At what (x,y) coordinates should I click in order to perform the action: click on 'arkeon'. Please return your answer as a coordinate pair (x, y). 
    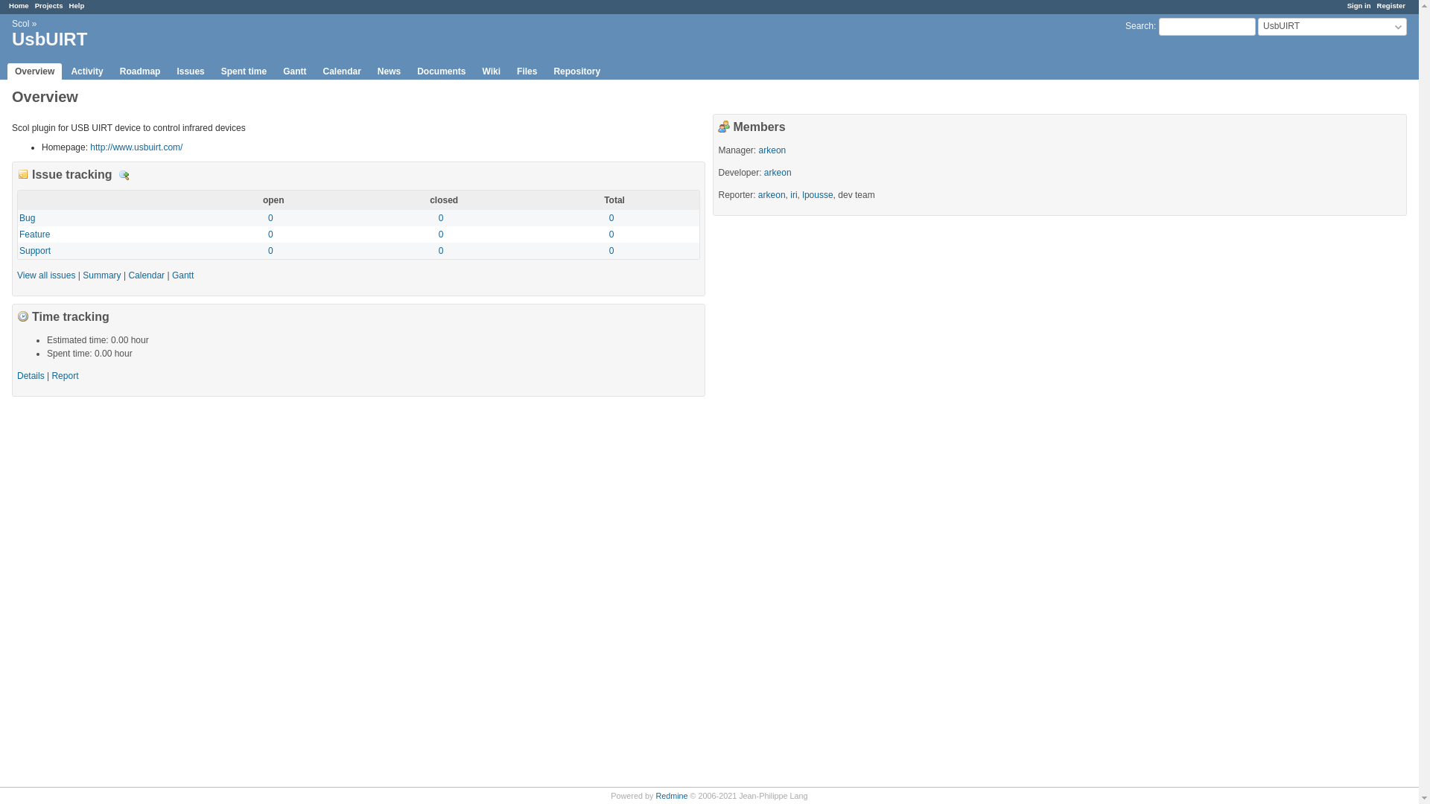
    Looking at the image, I should click on (764, 171).